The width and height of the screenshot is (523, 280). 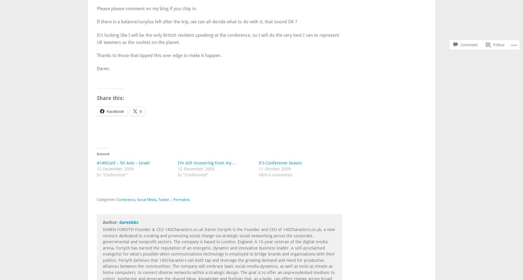 What do you see at coordinates (498, 29) in the screenshot?
I see `'Follow'` at bounding box center [498, 29].